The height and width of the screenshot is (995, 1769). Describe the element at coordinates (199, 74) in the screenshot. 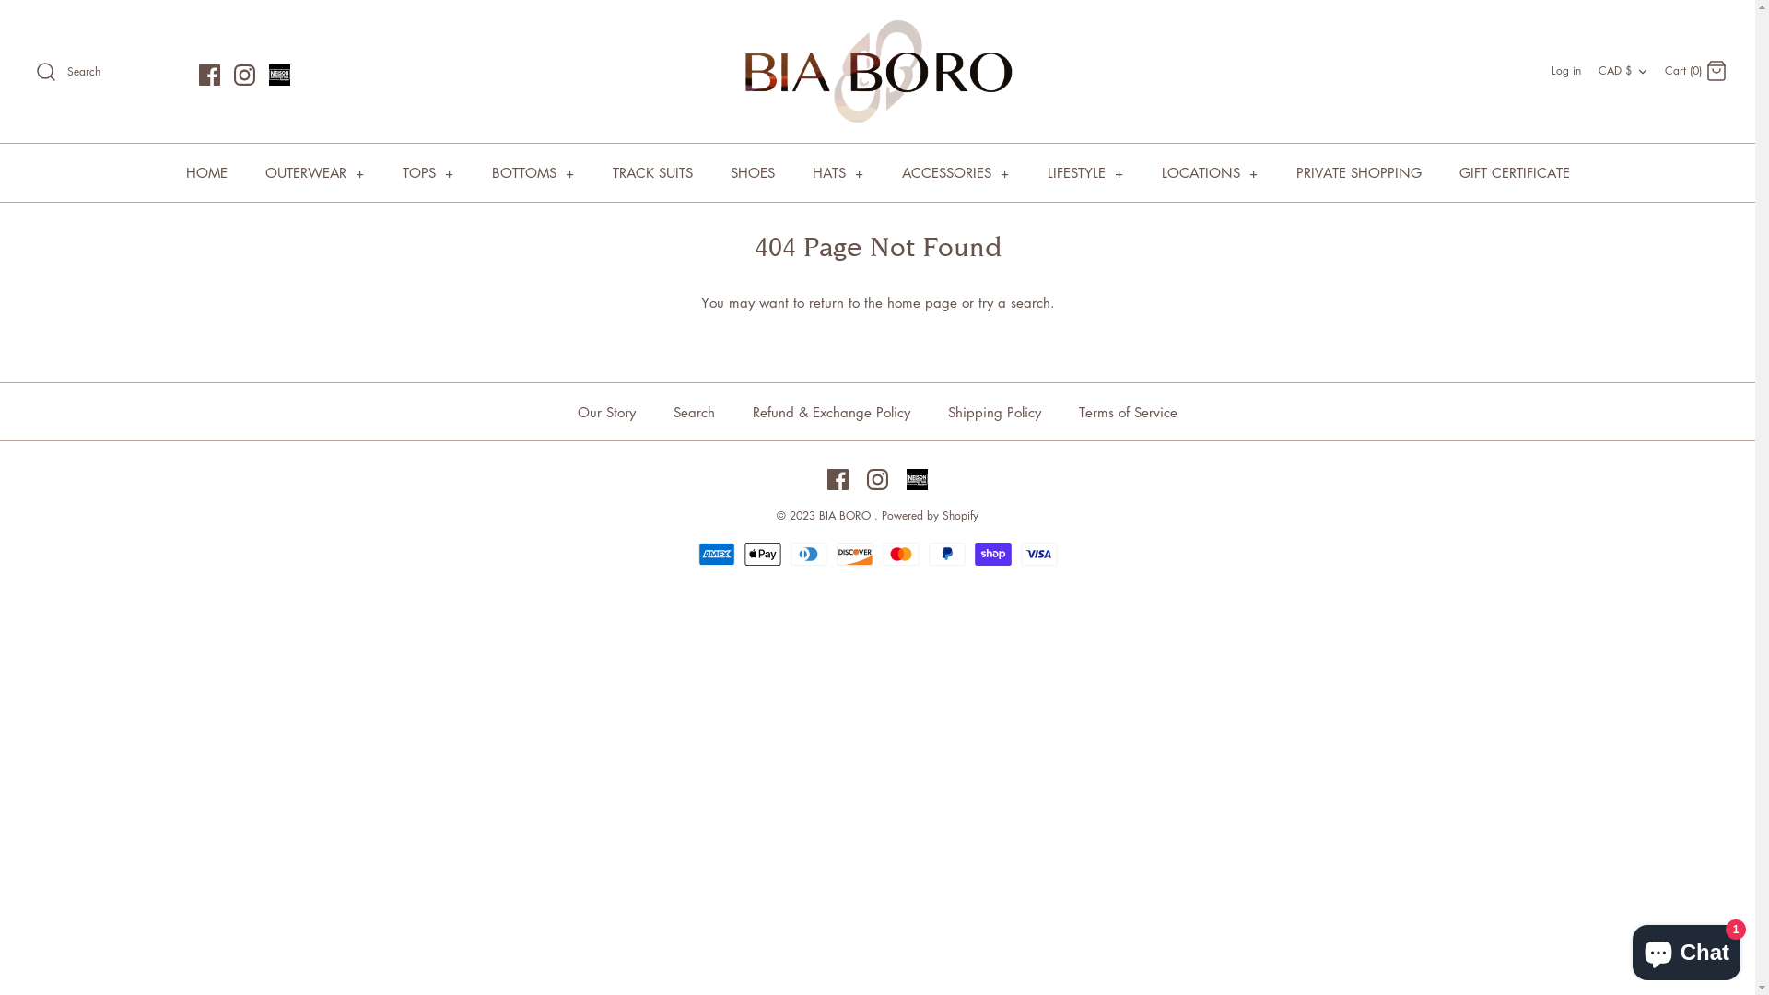

I see `'Facebook'` at that location.